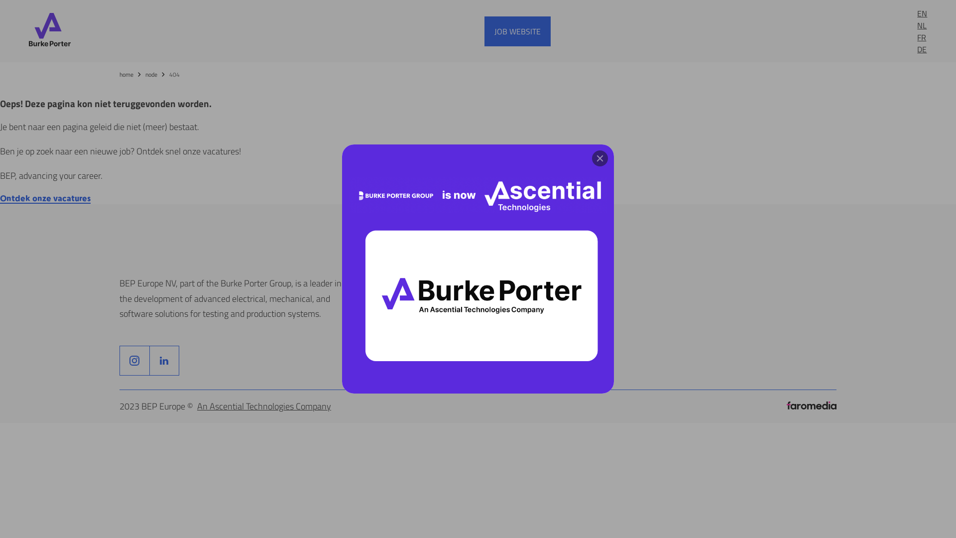 This screenshot has height=538, width=956. What do you see at coordinates (155, 74) in the screenshot?
I see `'node'` at bounding box center [155, 74].